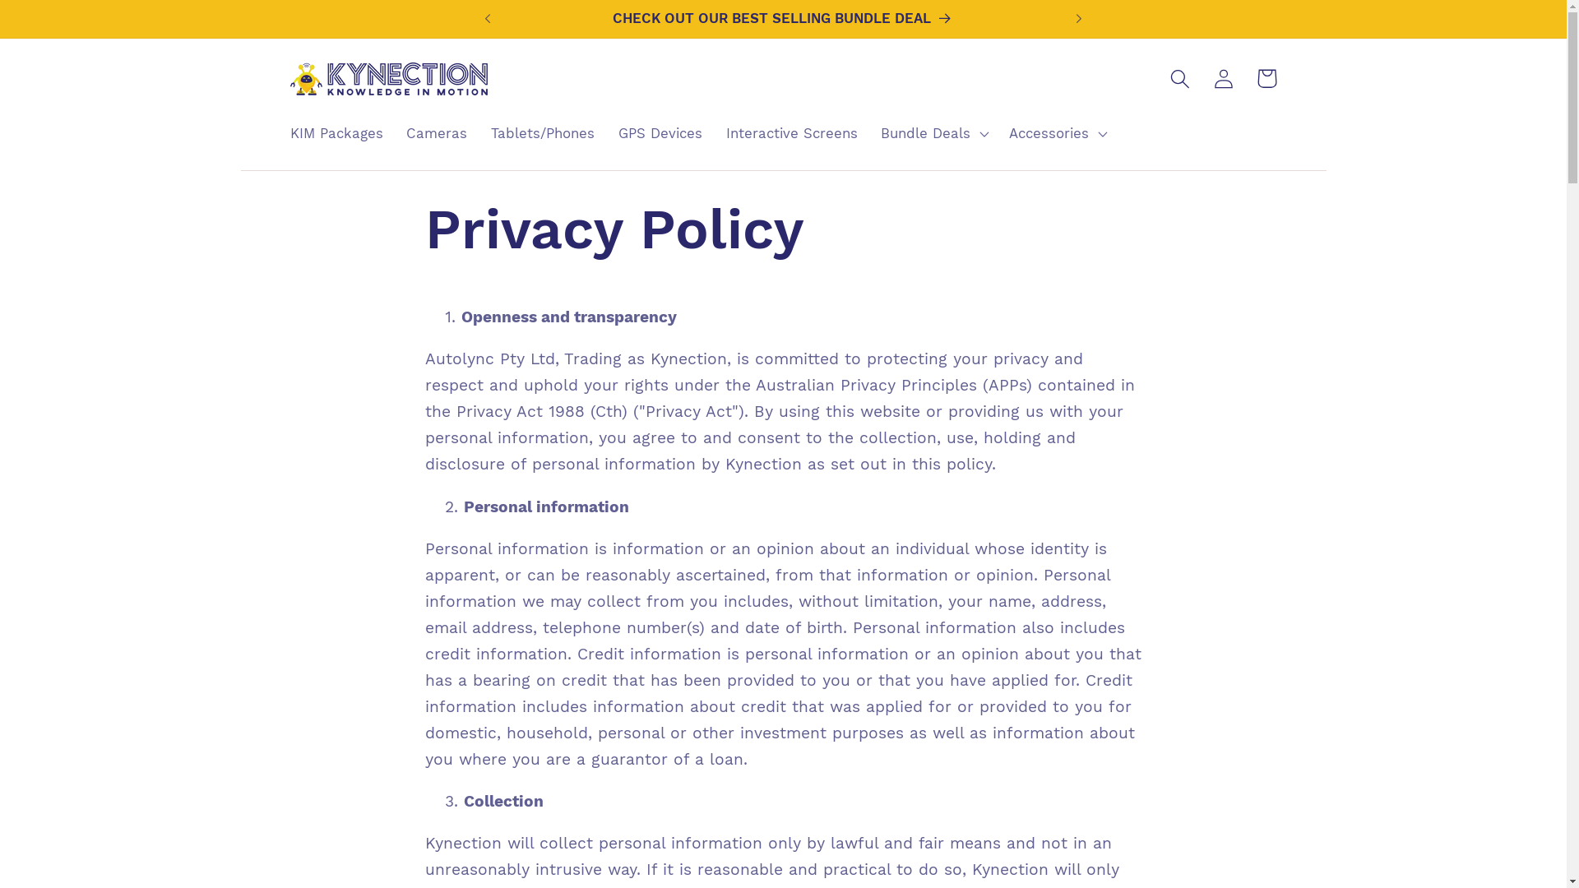  What do you see at coordinates (1266, 78) in the screenshot?
I see `'Cart'` at bounding box center [1266, 78].